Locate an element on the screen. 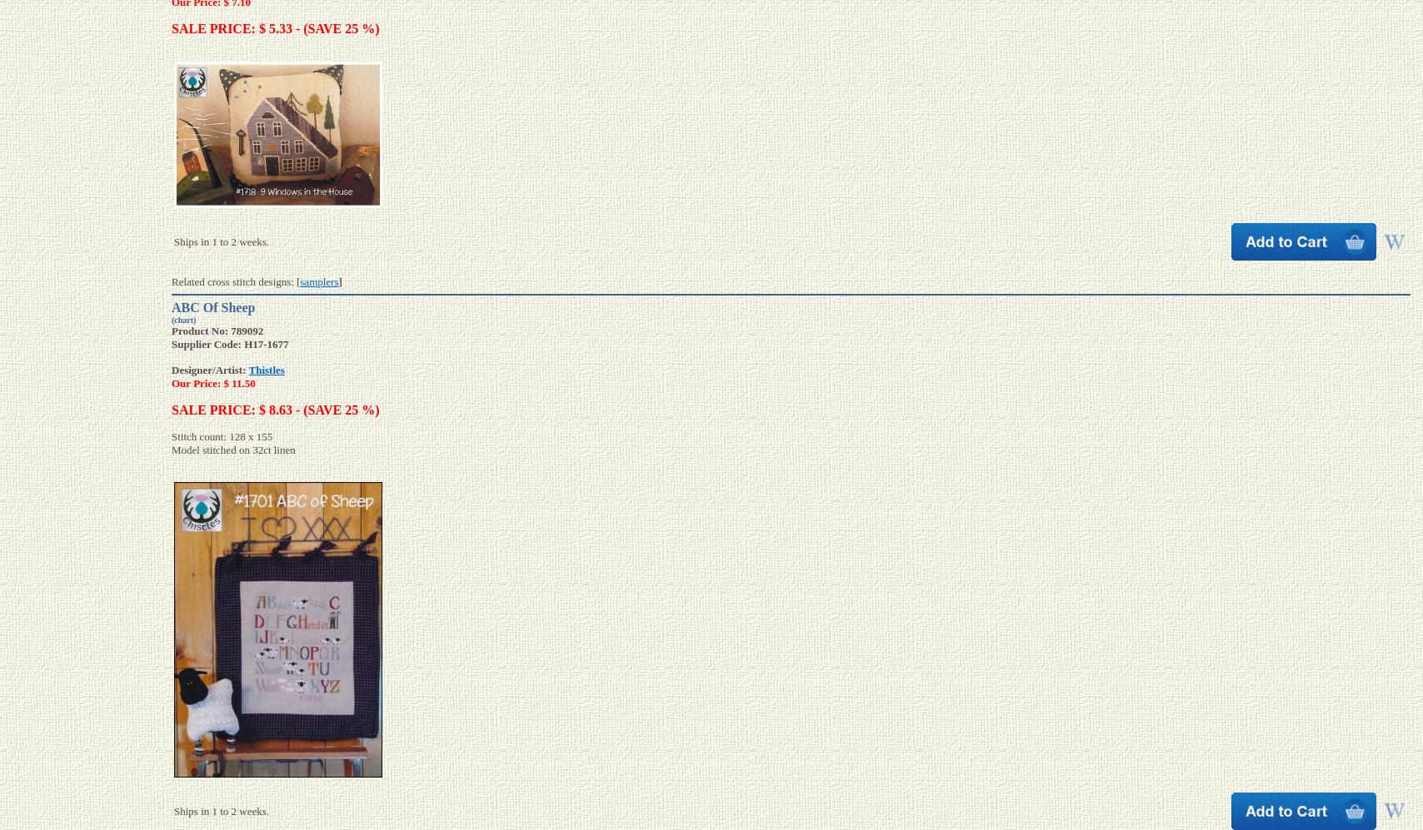 The width and height of the screenshot is (1423, 830). 'Thistles' is located at coordinates (266, 369).